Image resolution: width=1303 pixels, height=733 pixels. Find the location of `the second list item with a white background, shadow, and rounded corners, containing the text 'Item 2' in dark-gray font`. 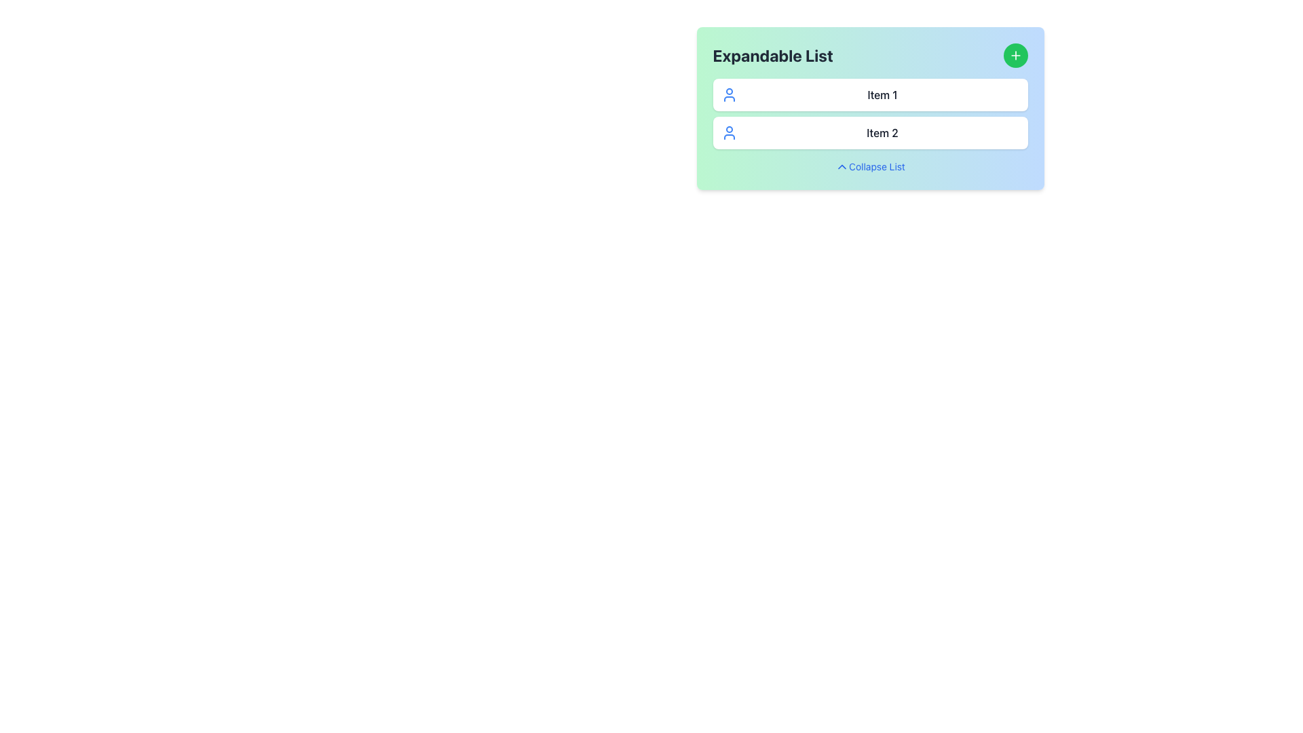

the second list item with a white background, shadow, and rounded corners, containing the text 'Item 2' in dark-gray font is located at coordinates (870, 133).